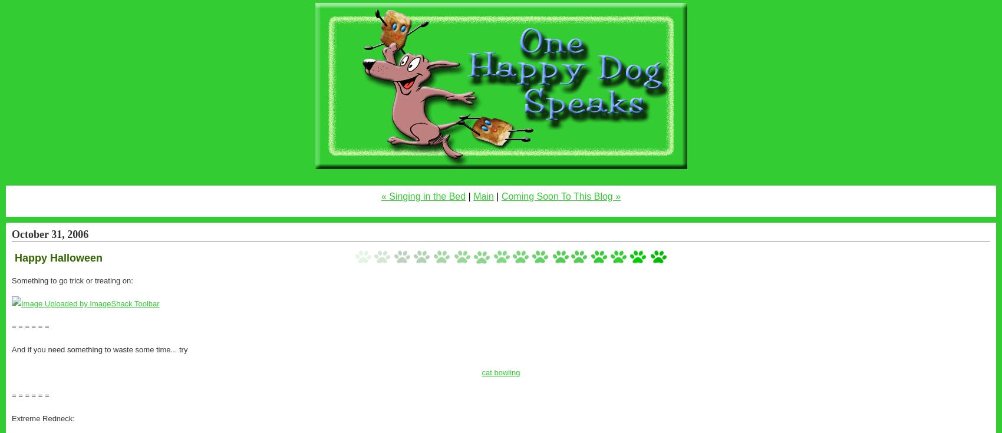 This screenshot has width=1002, height=433. I want to click on 'And if you need something to waste some time... try', so click(98, 349).